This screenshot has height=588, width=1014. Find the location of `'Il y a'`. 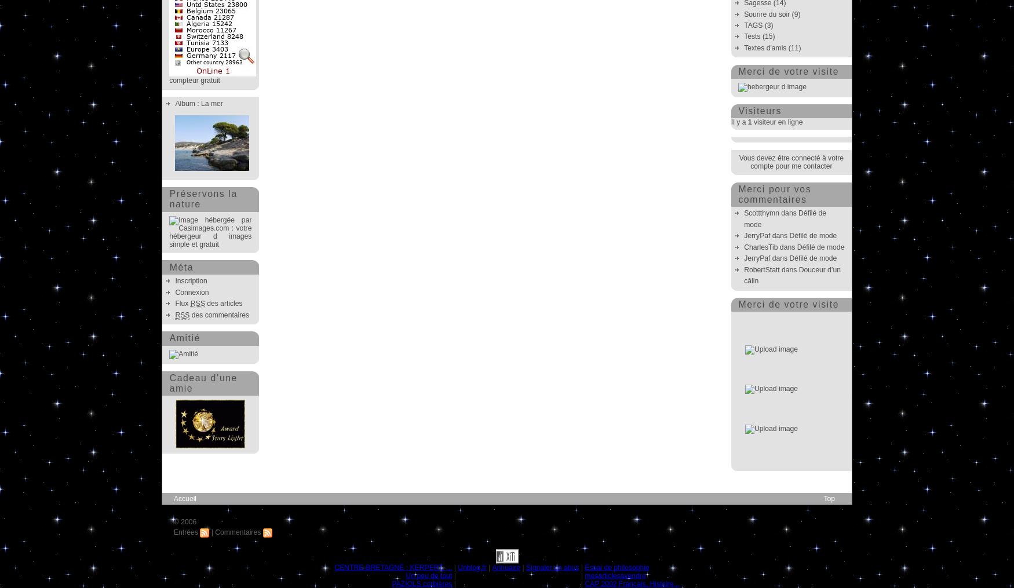

'Il y a' is located at coordinates (738, 122).